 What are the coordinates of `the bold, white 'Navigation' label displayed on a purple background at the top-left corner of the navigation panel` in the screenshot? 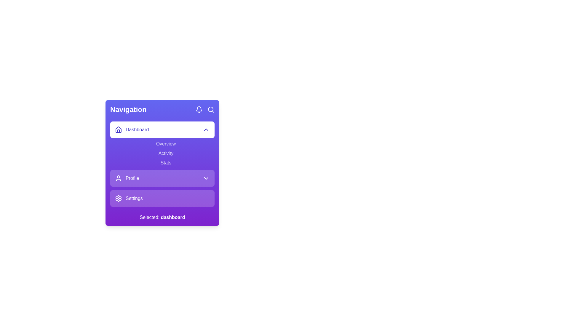 It's located at (128, 110).